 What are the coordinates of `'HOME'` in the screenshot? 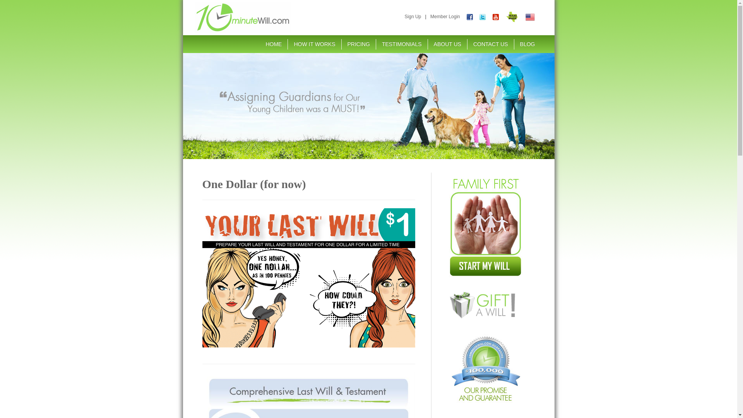 It's located at (273, 44).